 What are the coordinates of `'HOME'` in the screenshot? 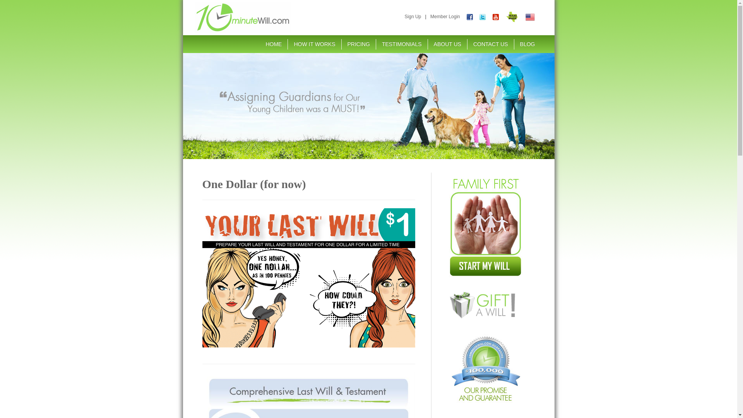 It's located at (273, 44).